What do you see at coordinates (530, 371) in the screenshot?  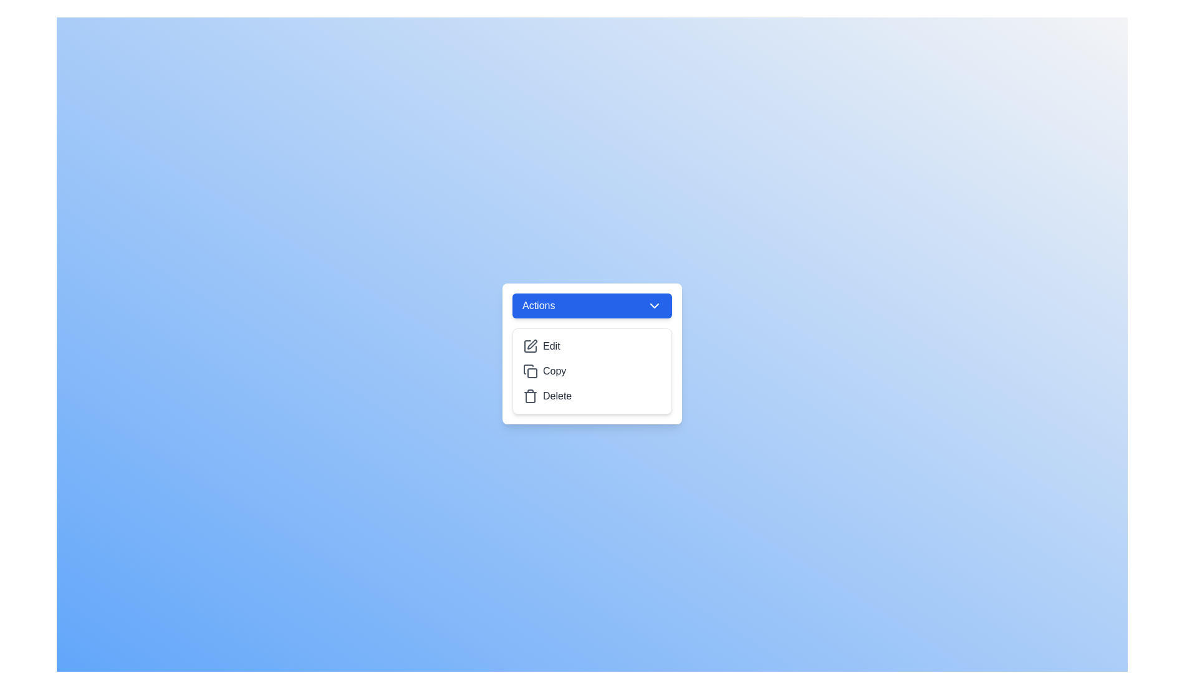 I see `the icon located to the left of the 'Copy' text label in the second row of the menu list` at bounding box center [530, 371].